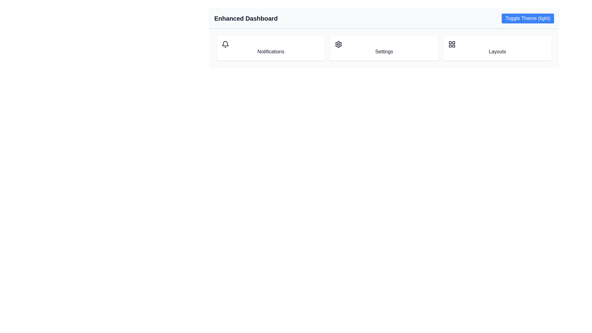  Describe the element at coordinates (497, 47) in the screenshot. I see `the 'Layouts' button, which is the rightmost navigation item in a three-column grid layout` at that location.